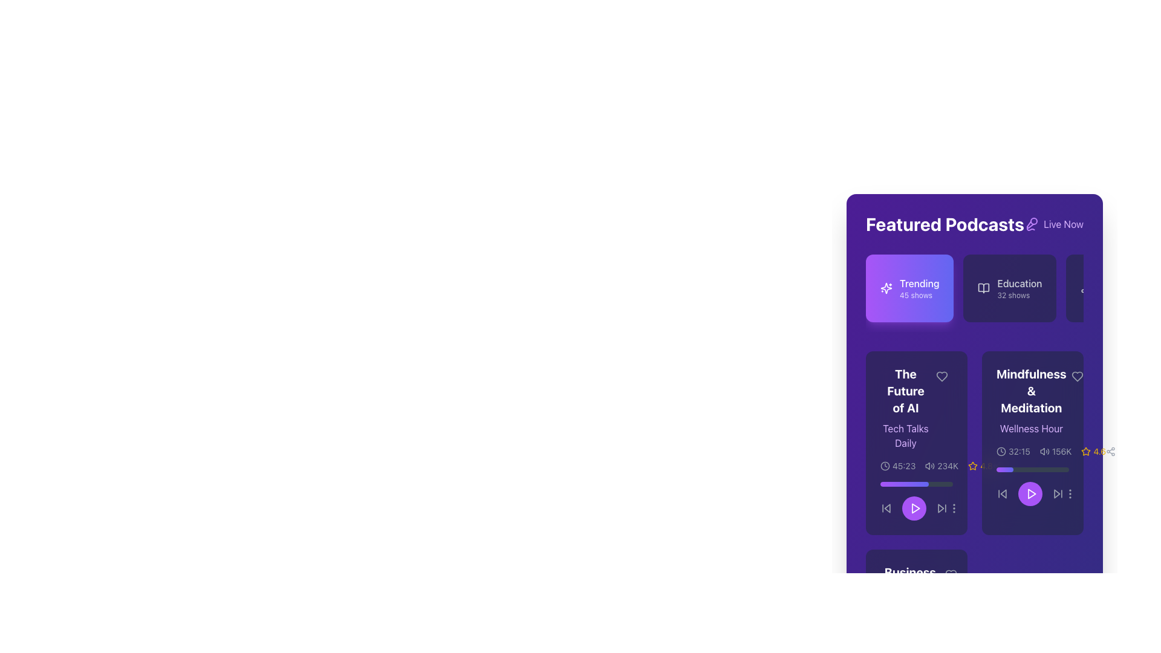  Describe the element at coordinates (1093, 452) in the screenshot. I see `the rating display, which consists of a yellow star icon and the text '4.6', positioned at the bottom of the podcast description card` at that location.